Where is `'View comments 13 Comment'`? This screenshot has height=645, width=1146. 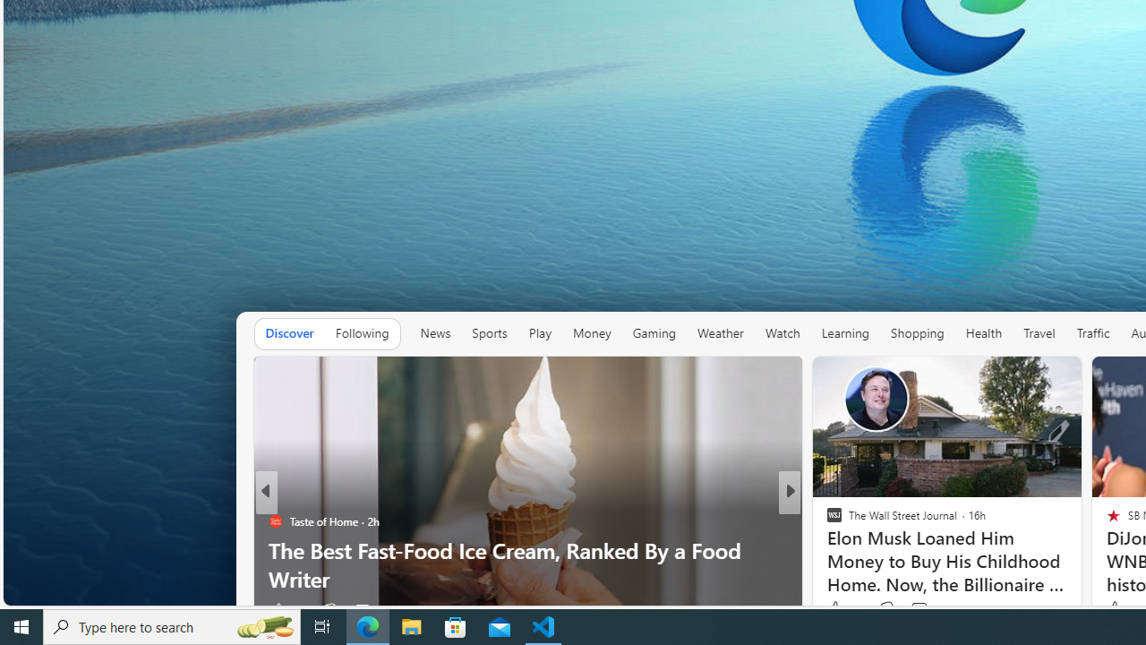 'View comments 13 Comment' is located at coordinates (913, 609).